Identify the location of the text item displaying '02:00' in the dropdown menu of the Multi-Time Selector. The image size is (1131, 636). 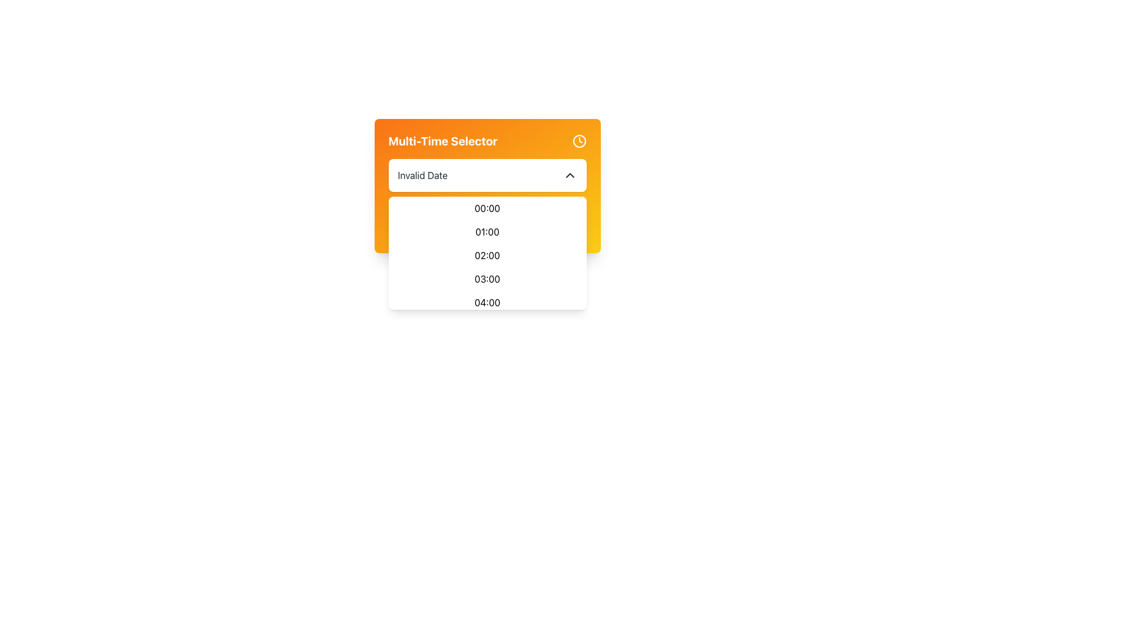
(487, 255).